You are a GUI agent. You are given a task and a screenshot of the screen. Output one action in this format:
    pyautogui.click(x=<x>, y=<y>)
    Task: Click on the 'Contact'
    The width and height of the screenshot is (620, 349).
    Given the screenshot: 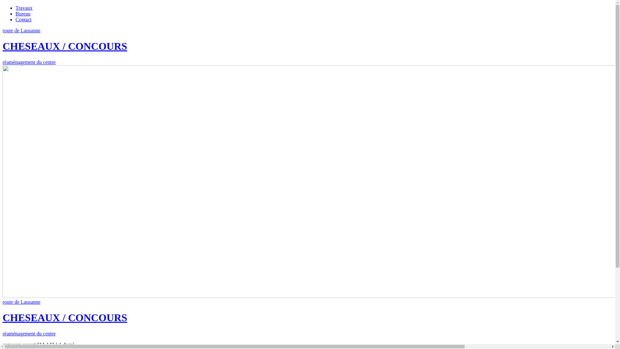 What is the action you would take?
    pyautogui.click(x=23, y=19)
    